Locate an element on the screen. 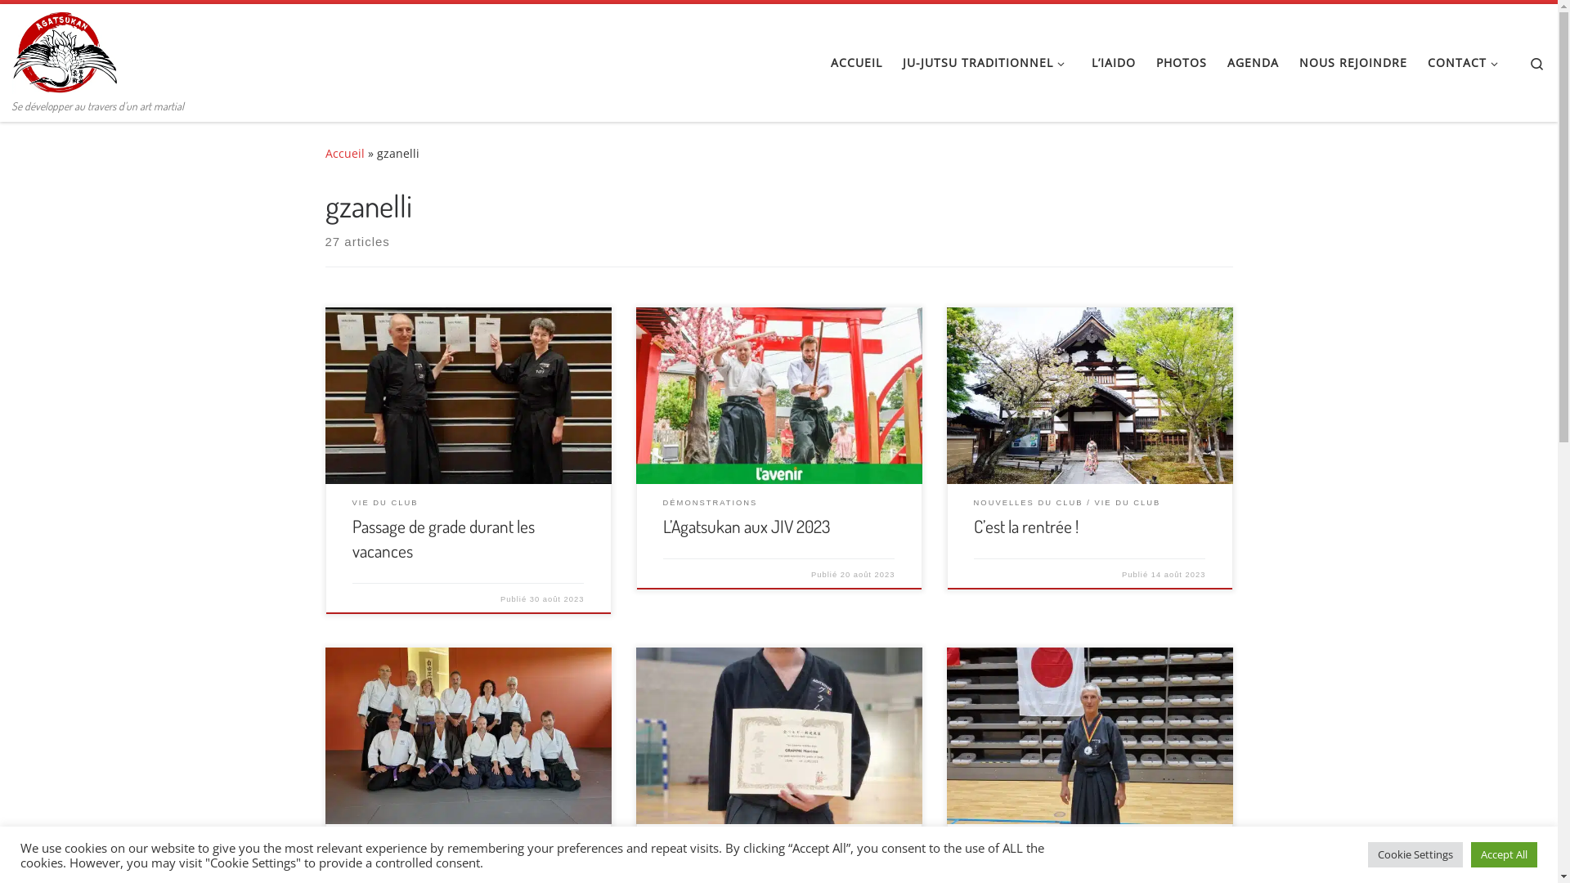 Image resolution: width=1570 pixels, height=883 pixels. 'NOUVELLES DU CLUB' is located at coordinates (1027, 502).